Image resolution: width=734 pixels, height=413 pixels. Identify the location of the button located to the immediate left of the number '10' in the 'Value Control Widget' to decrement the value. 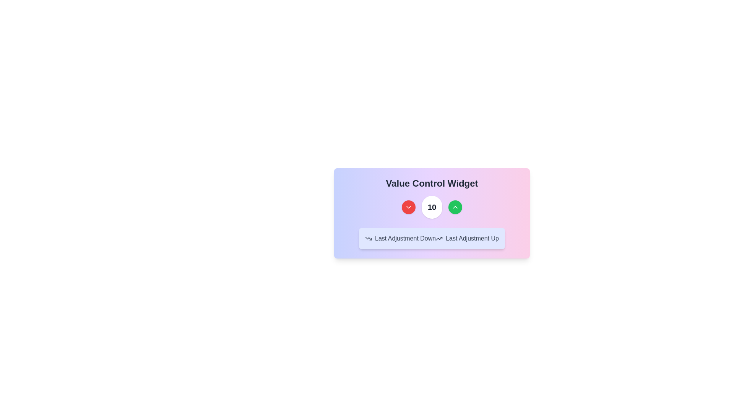
(408, 207).